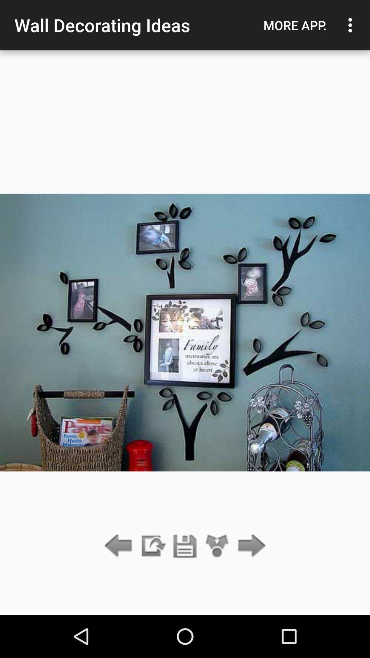 This screenshot has width=370, height=658. I want to click on icon at the bottom right corner, so click(250, 546).